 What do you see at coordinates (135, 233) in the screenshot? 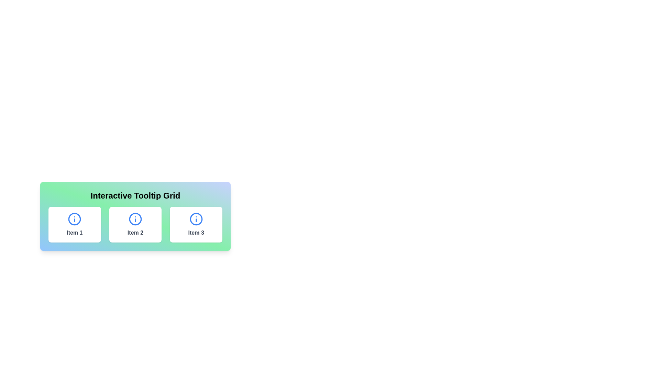
I see `the text label element displaying 'Item 2', which is styled with a bold font and gray color, located at the bottom center of a white card below the heading 'Interactive Tooltip Grid'` at bounding box center [135, 233].